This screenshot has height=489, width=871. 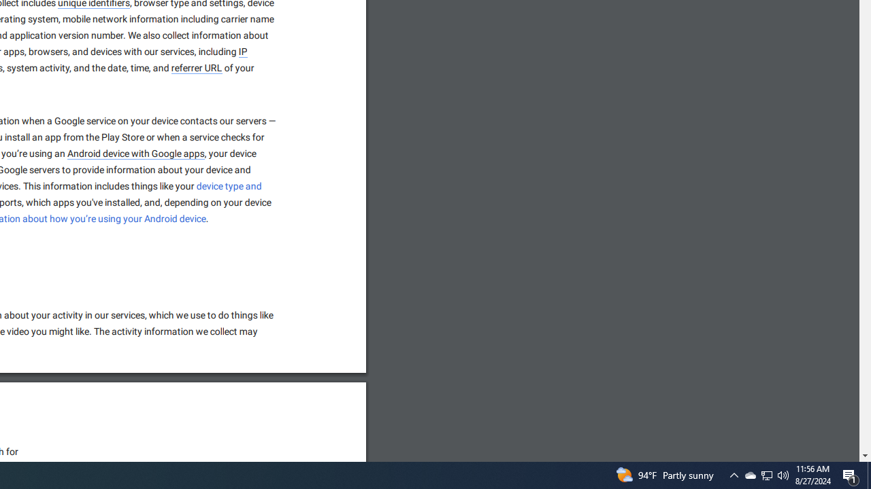 What do you see at coordinates (196, 69) in the screenshot?
I see `'referrer URL'` at bounding box center [196, 69].